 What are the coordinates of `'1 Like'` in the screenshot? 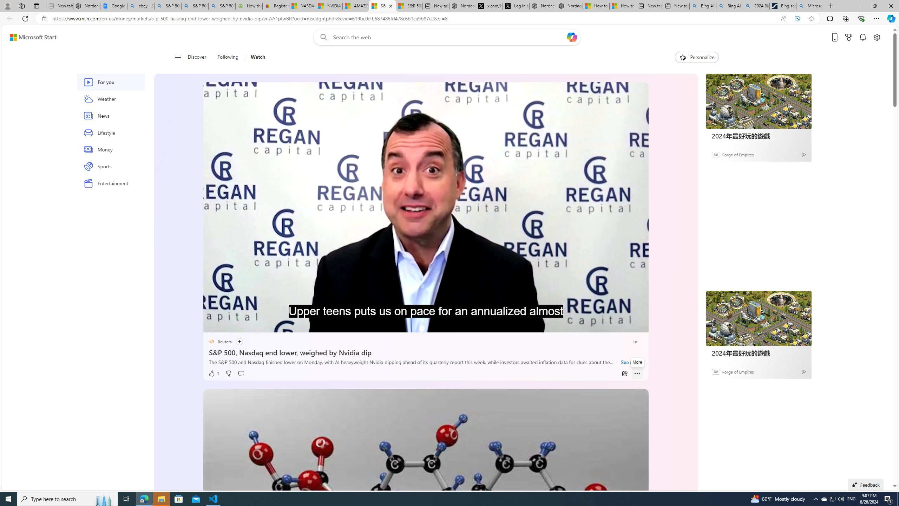 It's located at (213, 373).